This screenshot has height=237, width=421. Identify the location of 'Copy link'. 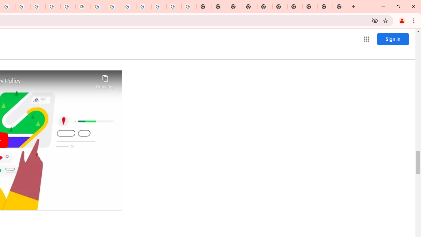
(105, 80).